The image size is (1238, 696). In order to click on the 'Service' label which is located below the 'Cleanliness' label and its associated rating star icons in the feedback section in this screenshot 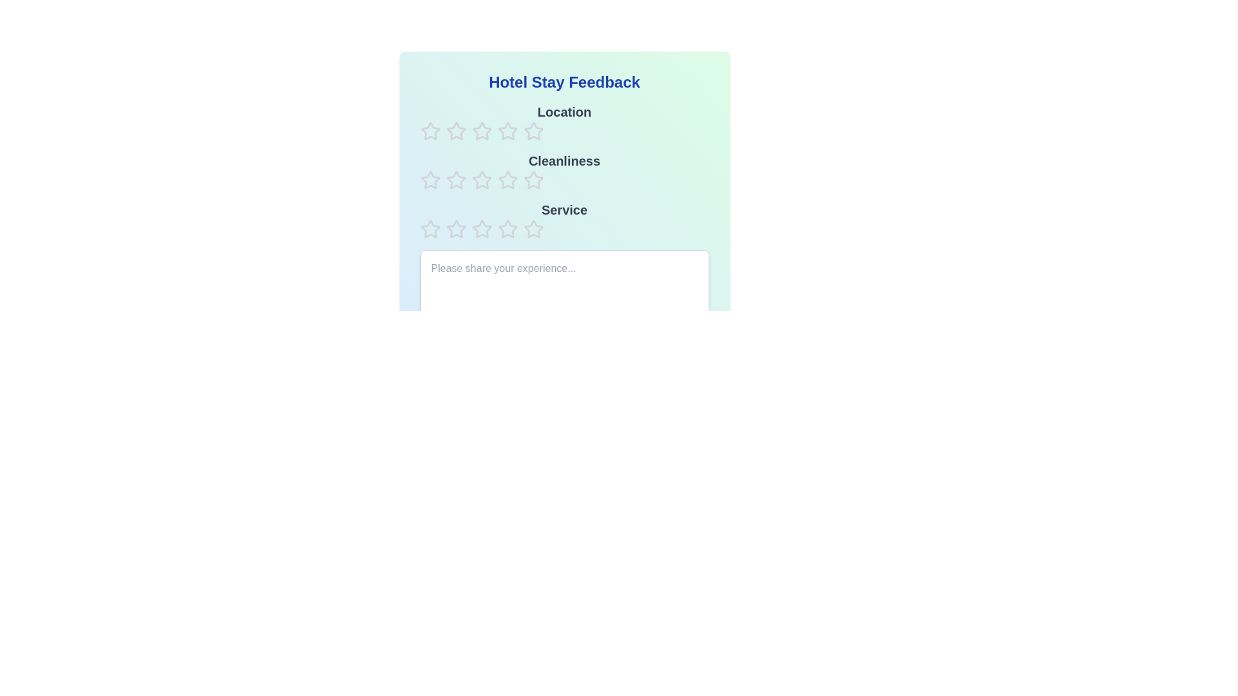, I will do `click(564, 209)`.